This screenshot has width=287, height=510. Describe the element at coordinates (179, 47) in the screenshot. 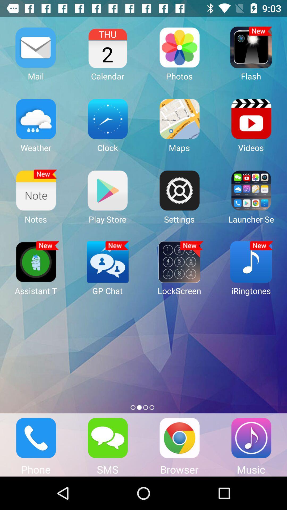

I see `the photos icon` at that location.